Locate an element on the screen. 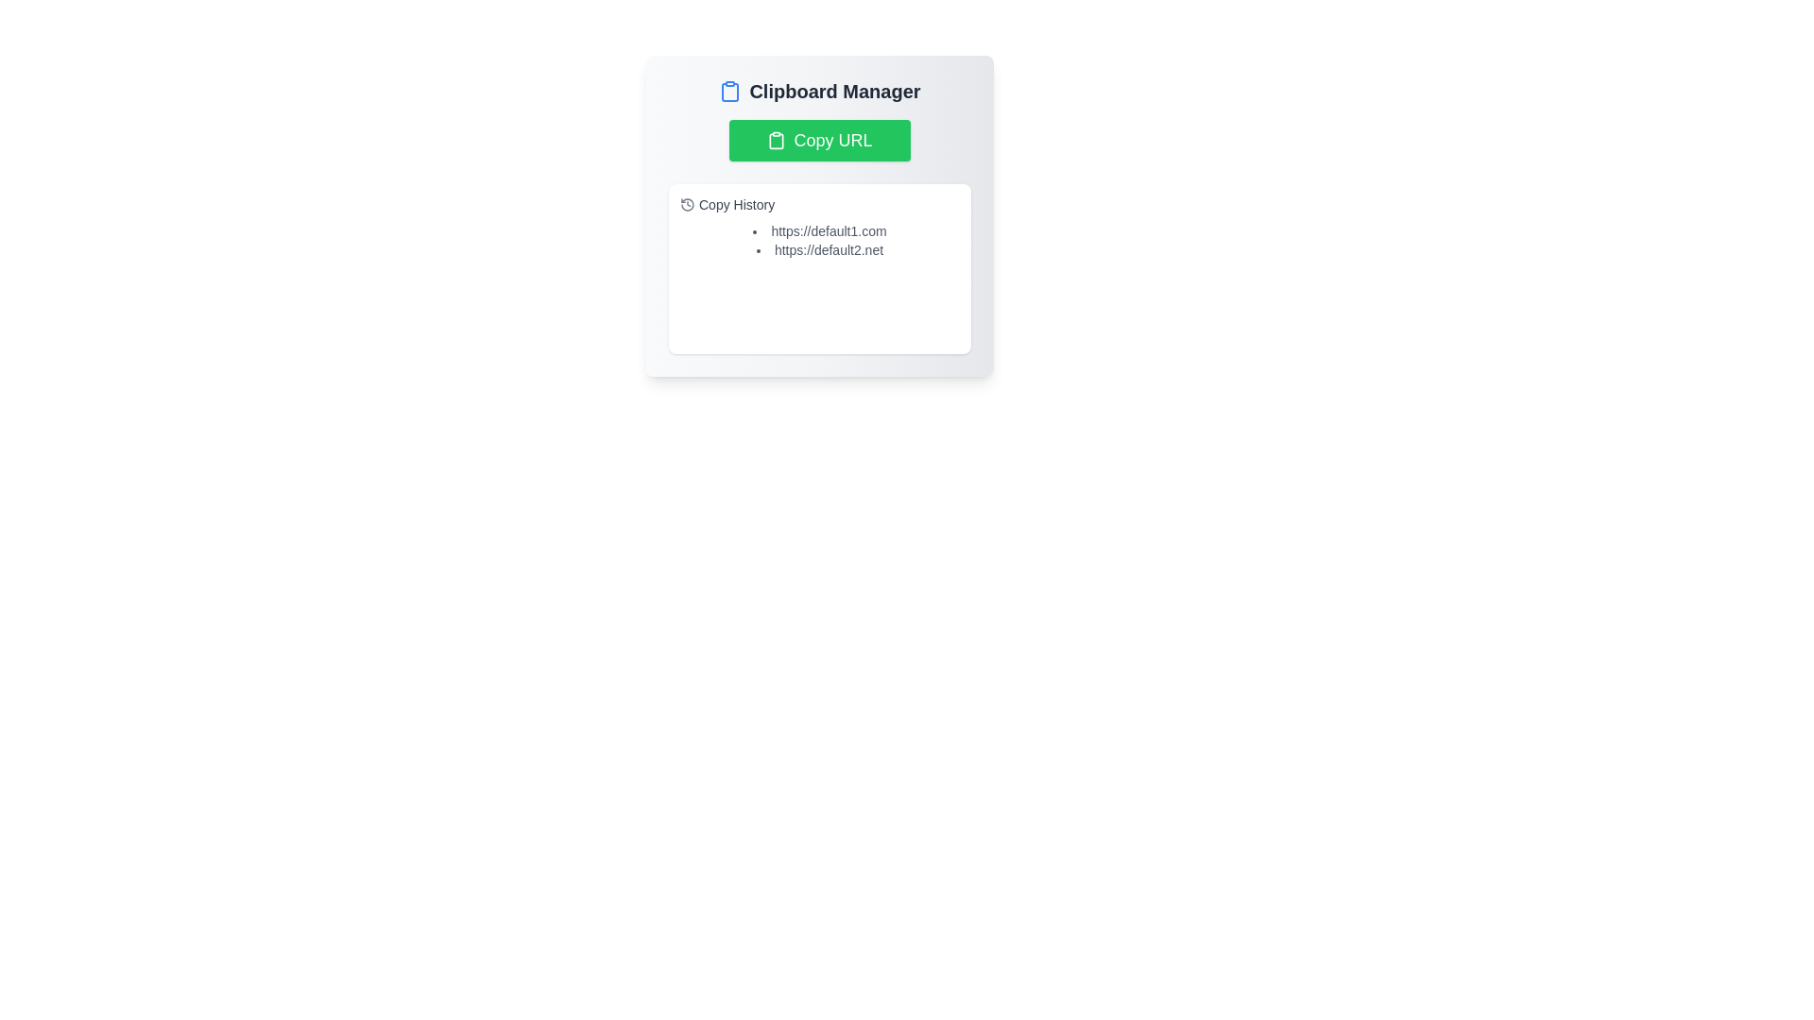 The width and height of the screenshot is (1814, 1020). the non-interactive circular clock icon located slightly to the left of the 'Copy History' text, aligned with the text's baseline is located at coordinates (687, 204).